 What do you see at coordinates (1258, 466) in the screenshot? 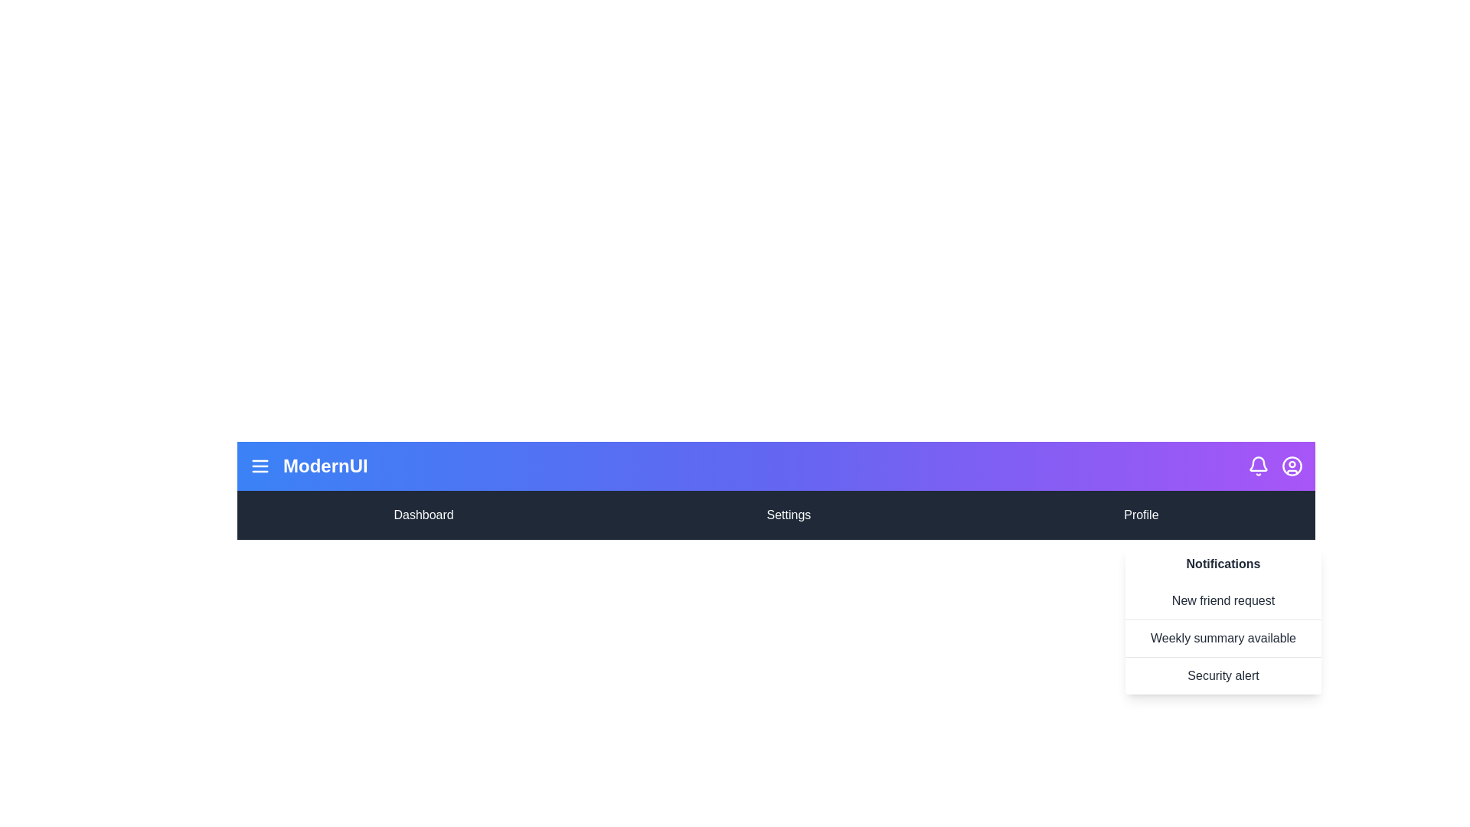
I see `the bell icon to toggle the notifications visibility` at bounding box center [1258, 466].